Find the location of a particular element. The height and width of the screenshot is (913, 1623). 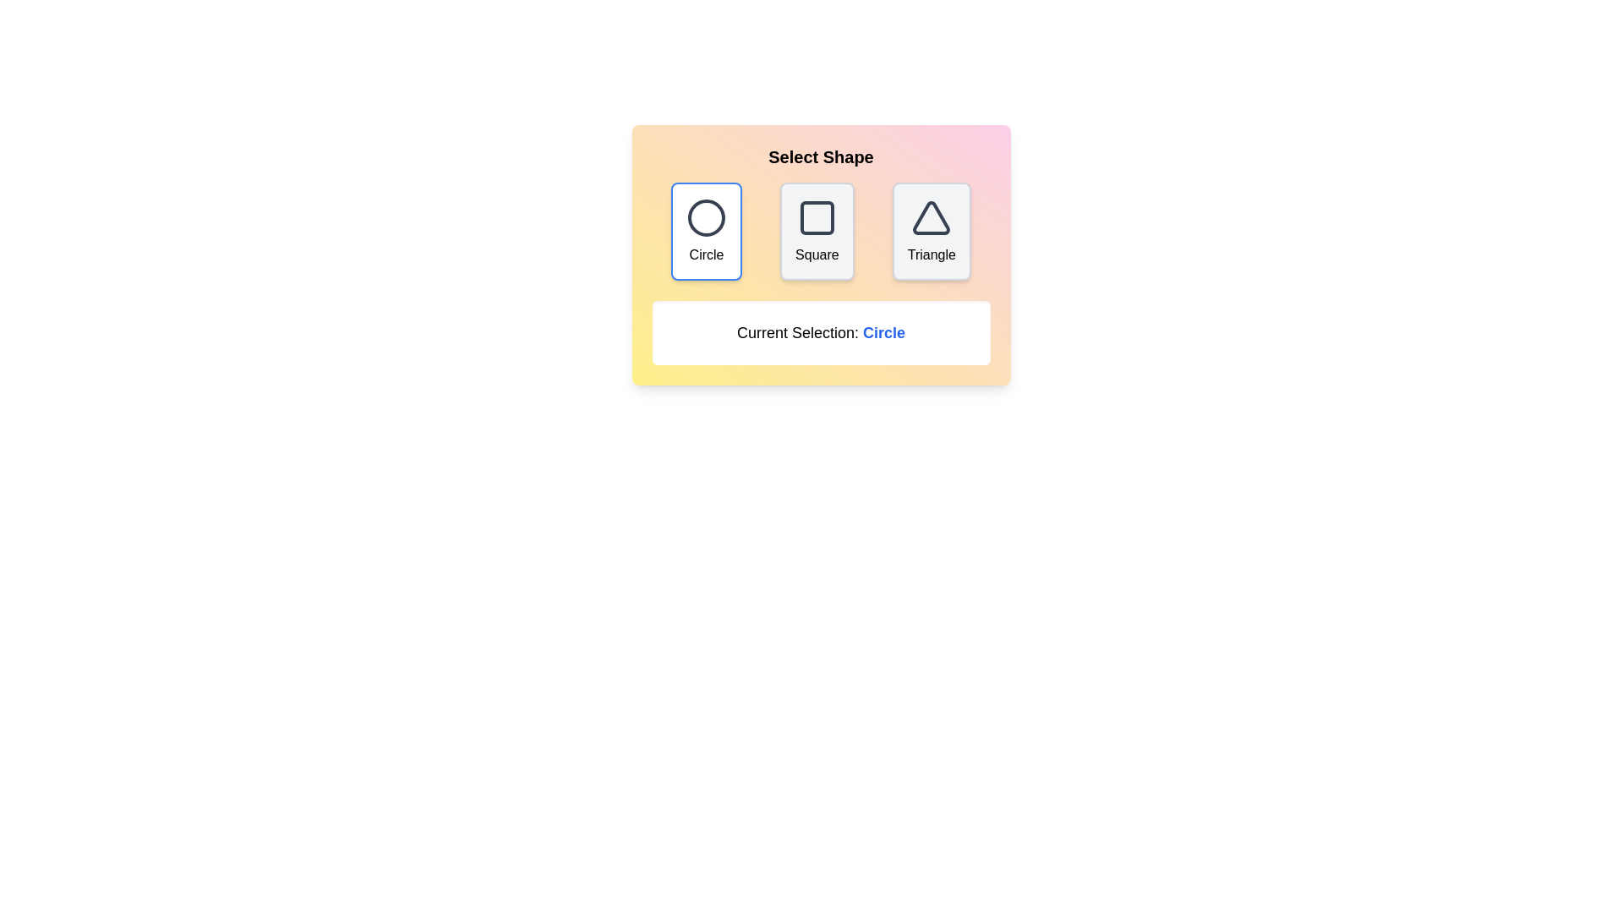

the Square button to select the corresponding shape is located at coordinates (817, 231).